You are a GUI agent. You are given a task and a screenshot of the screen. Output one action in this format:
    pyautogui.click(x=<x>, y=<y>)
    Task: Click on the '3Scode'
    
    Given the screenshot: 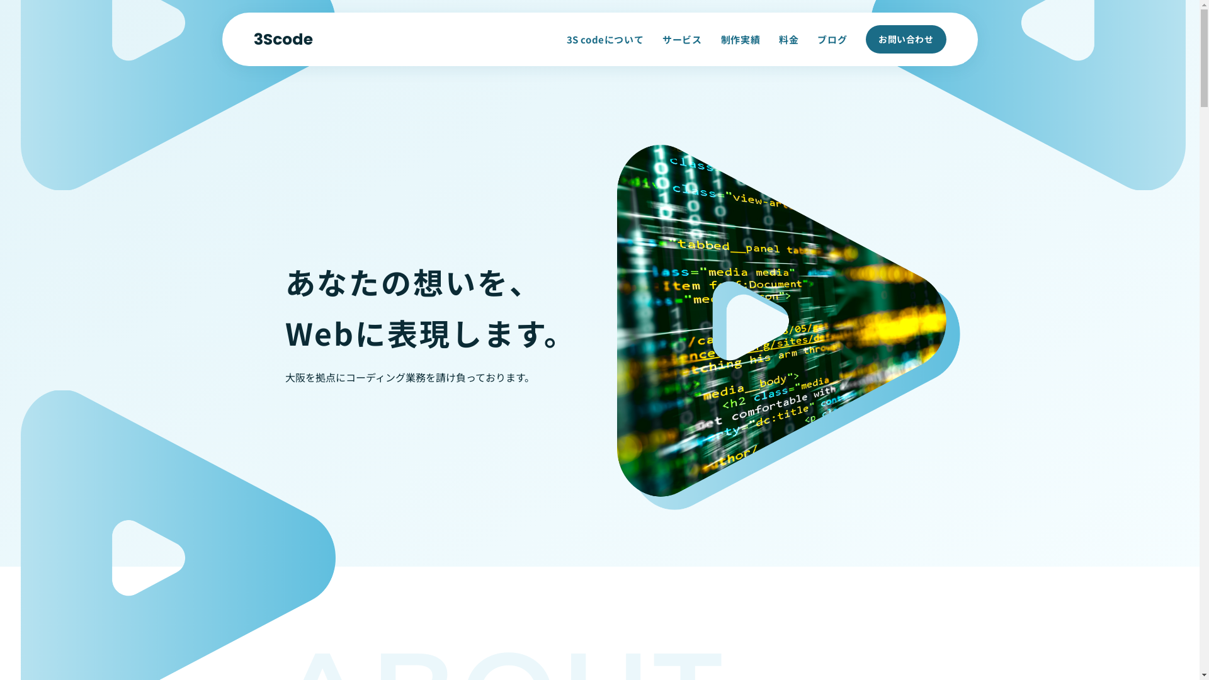 What is the action you would take?
    pyautogui.click(x=282, y=38)
    